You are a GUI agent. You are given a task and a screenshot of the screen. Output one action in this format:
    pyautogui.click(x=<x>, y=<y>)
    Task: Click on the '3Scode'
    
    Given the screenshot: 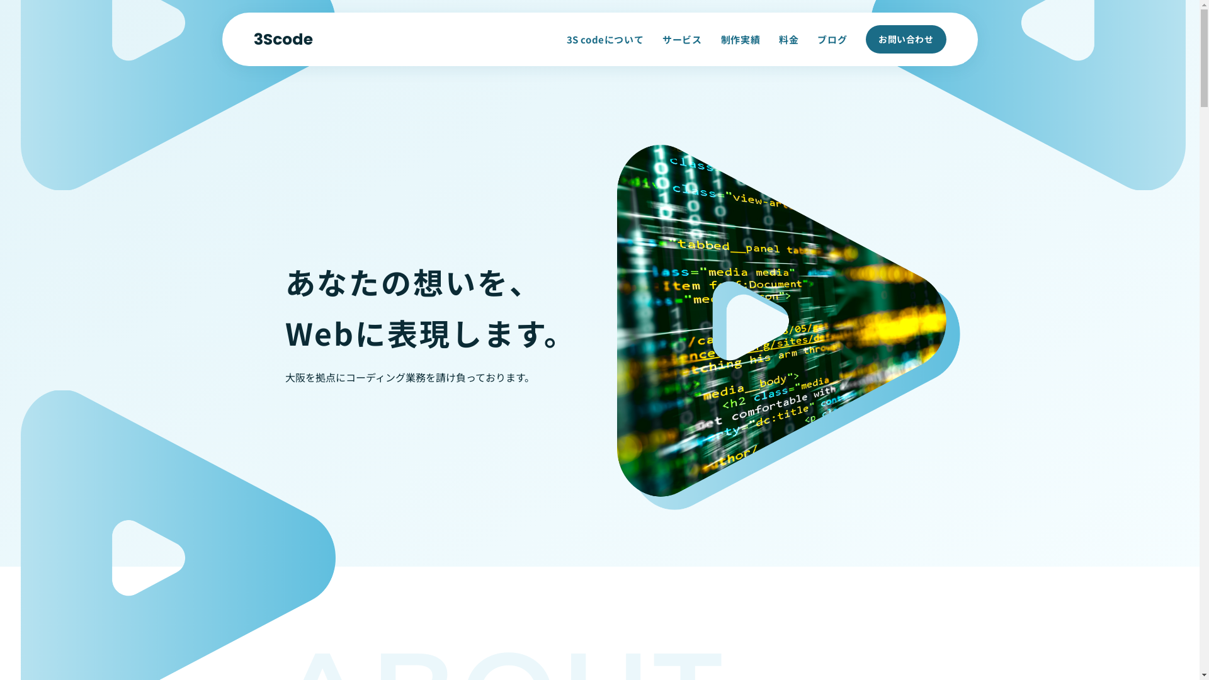 What is the action you would take?
    pyautogui.click(x=282, y=38)
    